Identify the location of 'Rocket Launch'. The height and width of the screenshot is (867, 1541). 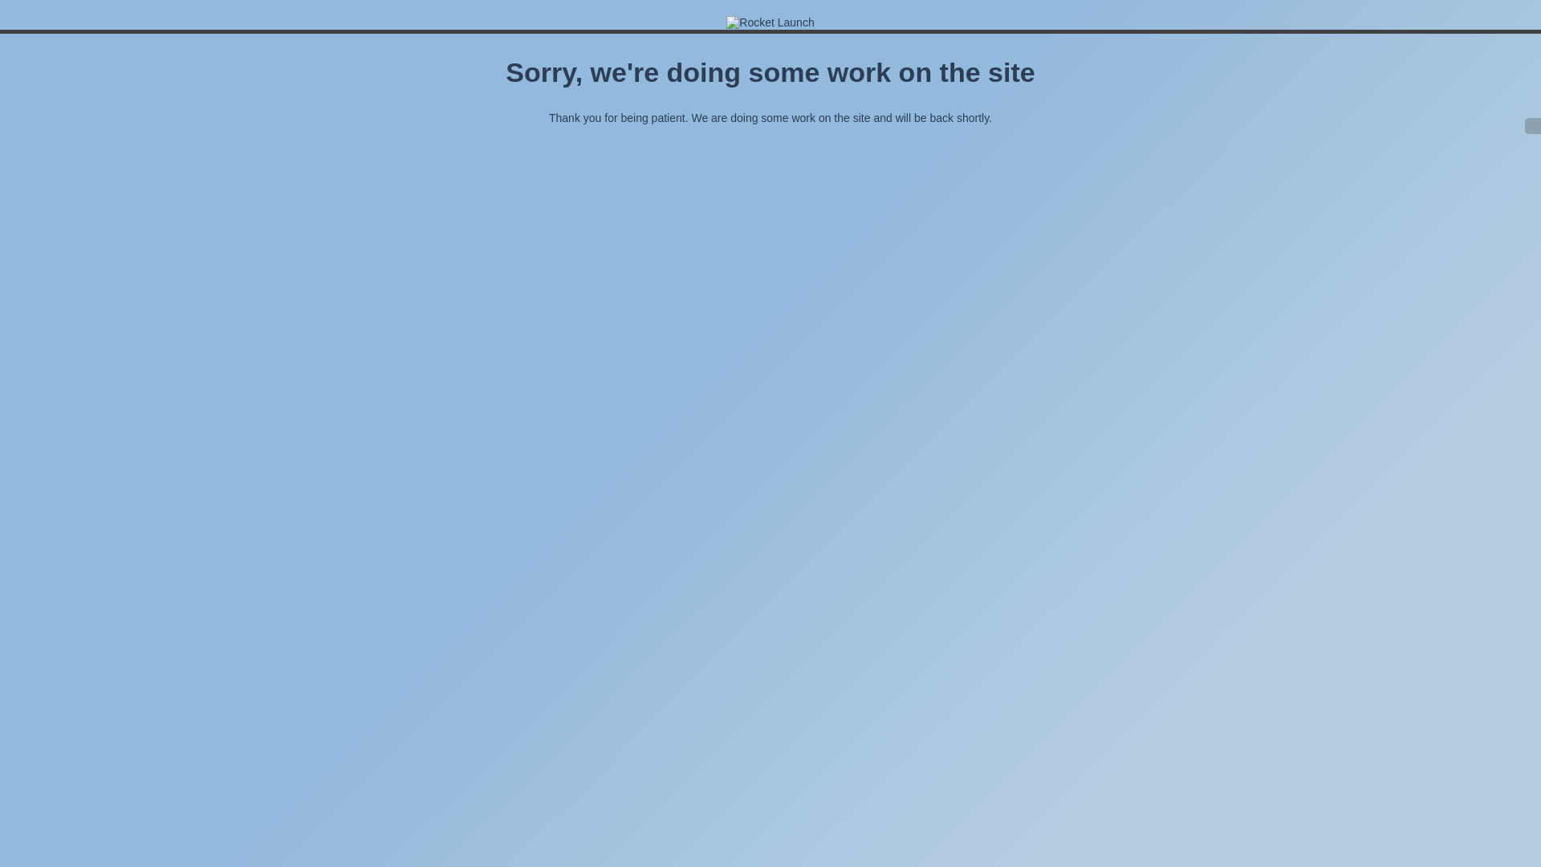
(726, 22).